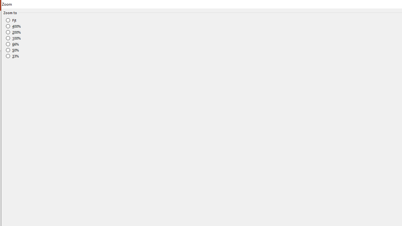  I want to click on '33%', so click(13, 56).